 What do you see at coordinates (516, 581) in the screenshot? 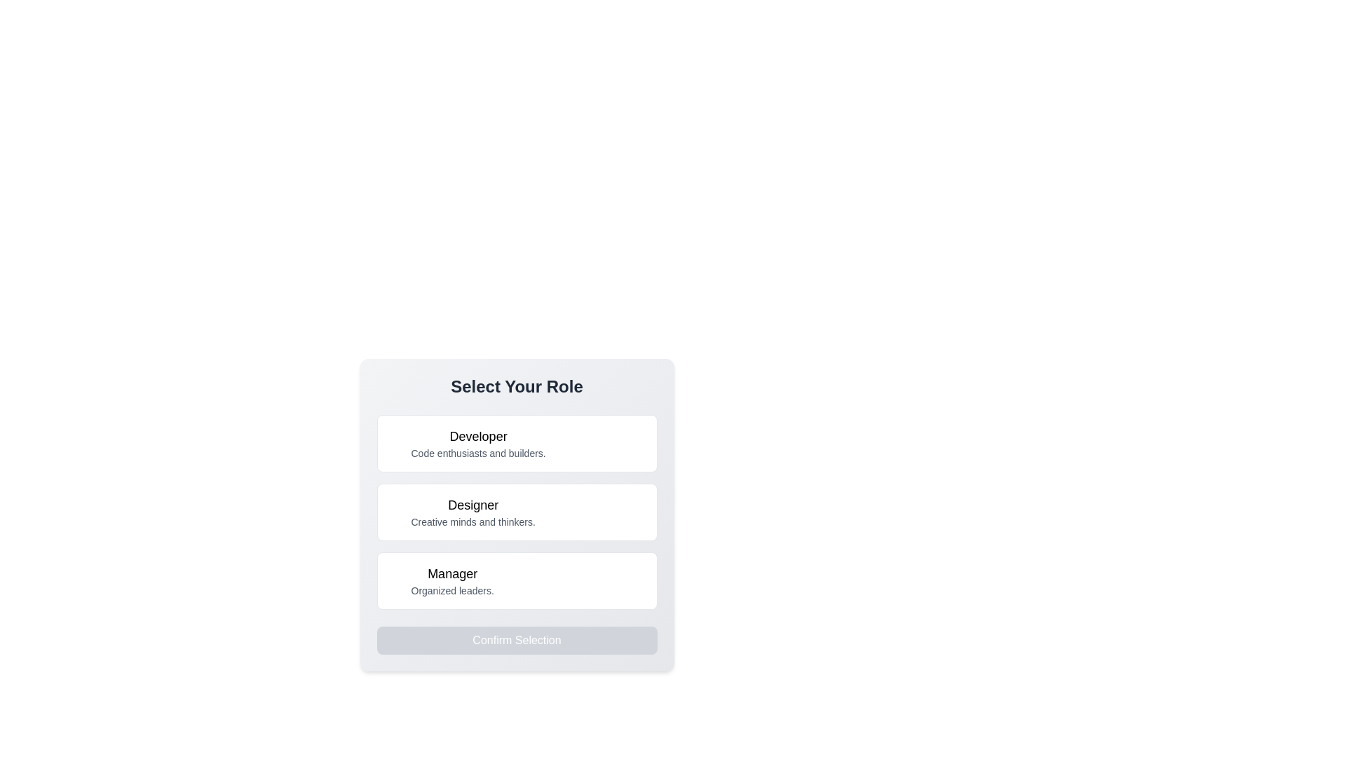
I see `the 'Manager' role card located at the bottom of the 'Select Your Role' section` at bounding box center [516, 581].